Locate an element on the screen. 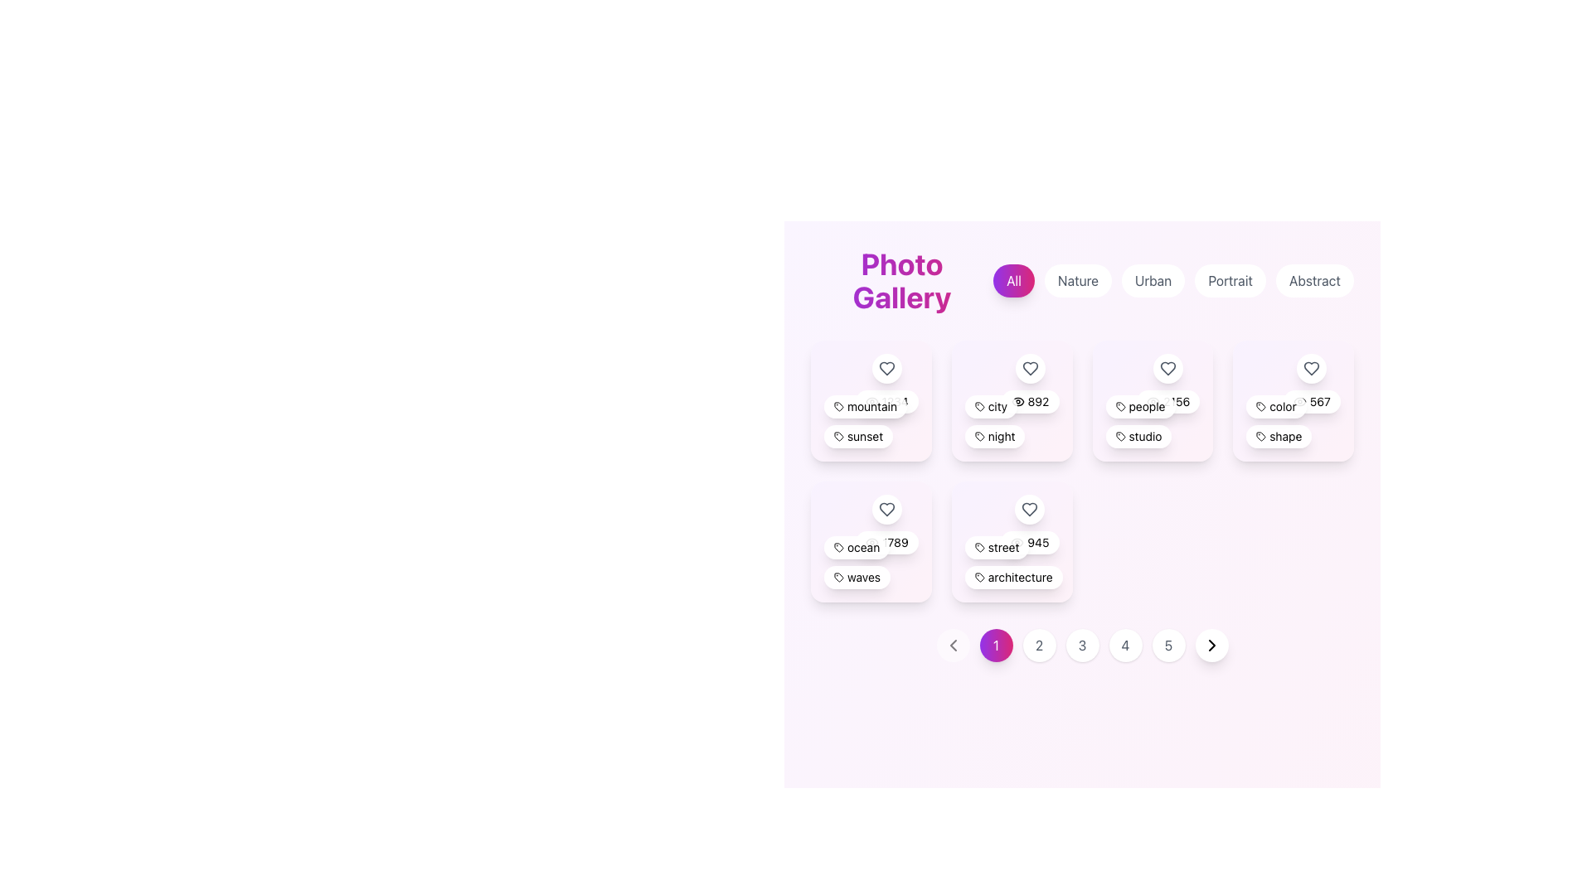  the graphic icon resembling a price tag located in the 'sunset' card at the top-left position within the gallery interface is located at coordinates (839, 435).